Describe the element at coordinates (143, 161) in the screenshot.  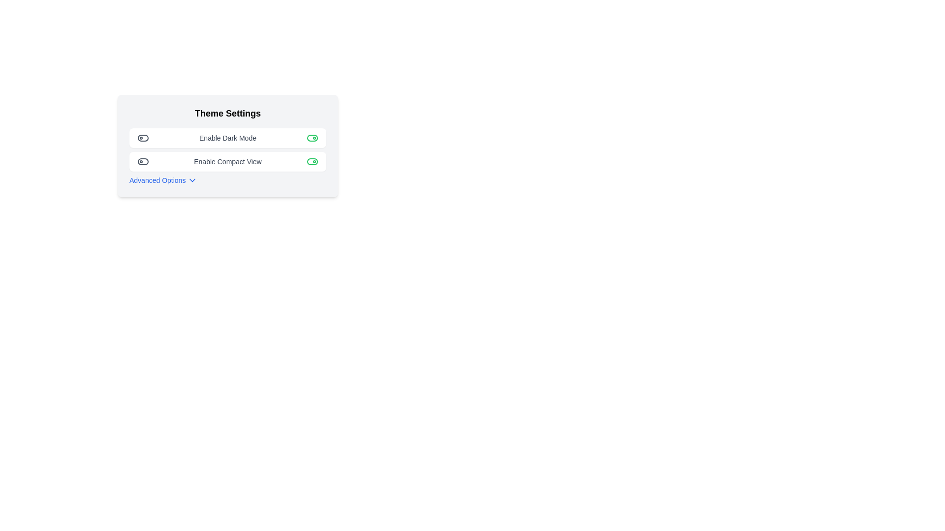
I see `the background shape of the toggle switch located in the second row under the 'Theme Settings' header, which aligns horizontally with the label 'Enable Compact View'` at that location.